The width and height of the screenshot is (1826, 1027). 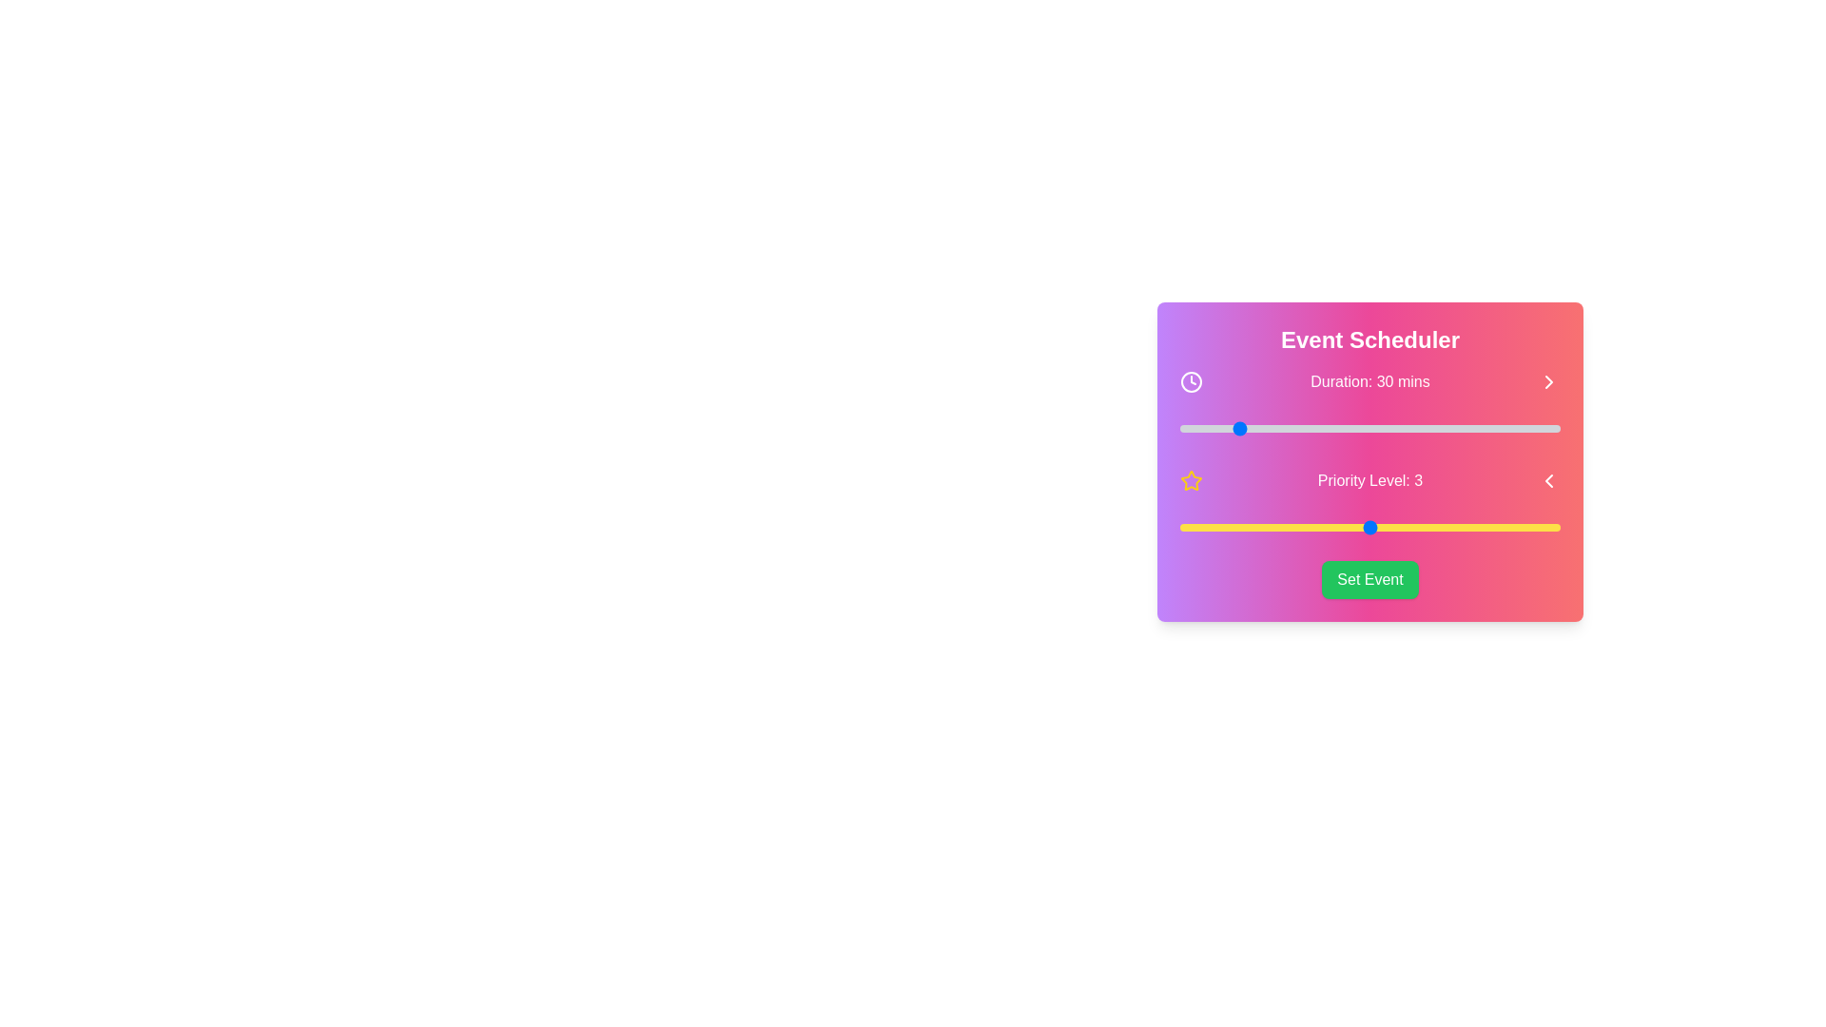 What do you see at coordinates (1212, 429) in the screenshot?
I see `the slider` at bounding box center [1212, 429].